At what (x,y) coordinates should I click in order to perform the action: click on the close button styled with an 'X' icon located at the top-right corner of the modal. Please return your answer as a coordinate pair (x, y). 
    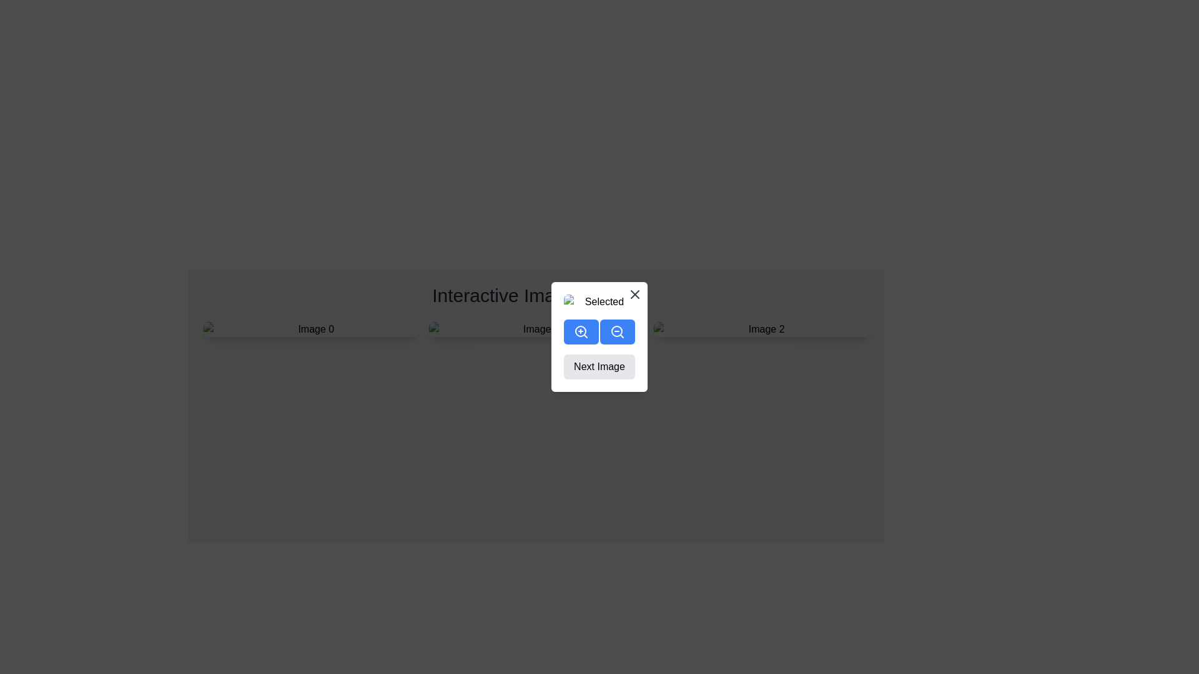
    Looking at the image, I should click on (634, 294).